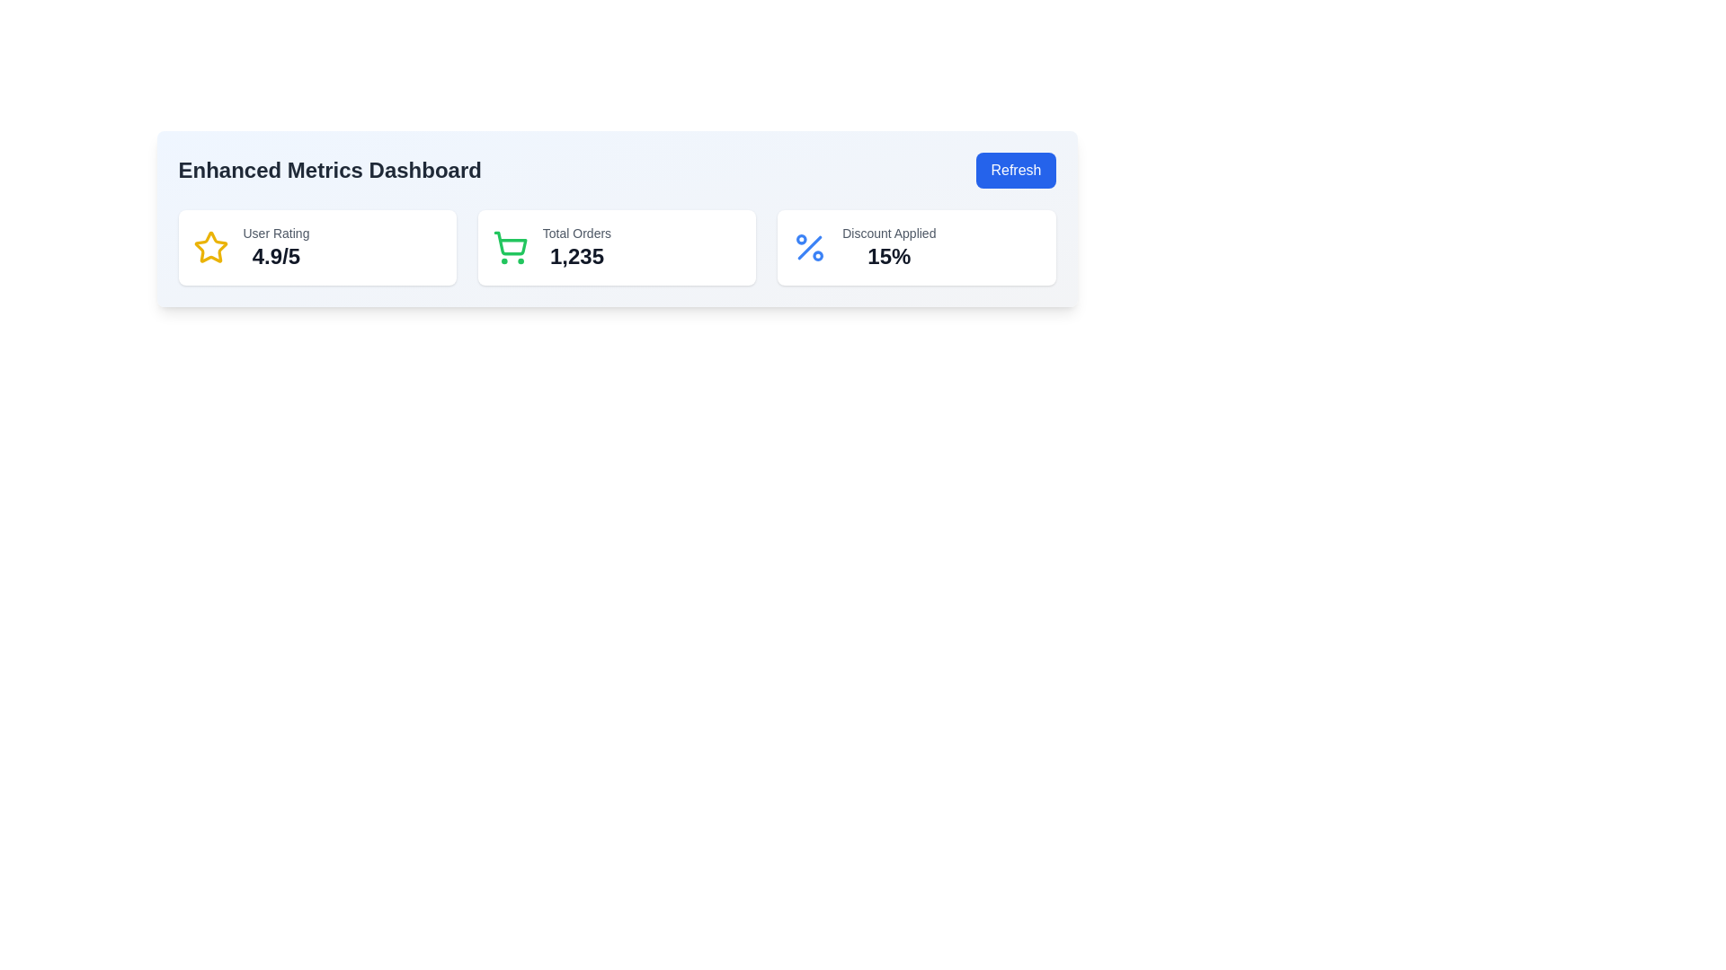 The image size is (1726, 970). Describe the element at coordinates (916, 248) in the screenshot. I see `the Informational display card that shows 'Discount Applied' with a percentage symbol on the left and is located at the rightmost position of a grid layout` at that location.